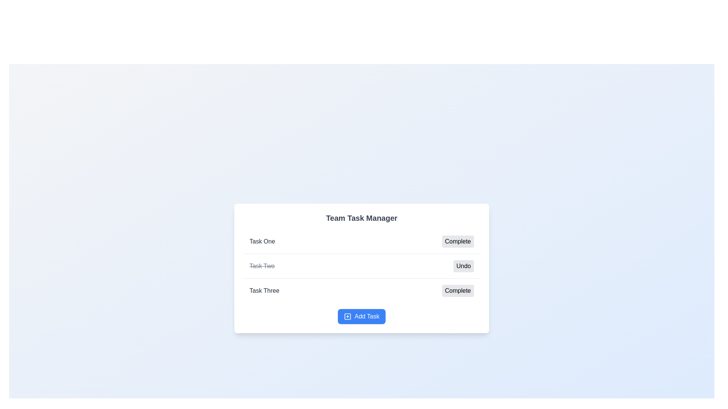 The width and height of the screenshot is (728, 409). I want to click on the task Task Three from the list, so click(264, 290).